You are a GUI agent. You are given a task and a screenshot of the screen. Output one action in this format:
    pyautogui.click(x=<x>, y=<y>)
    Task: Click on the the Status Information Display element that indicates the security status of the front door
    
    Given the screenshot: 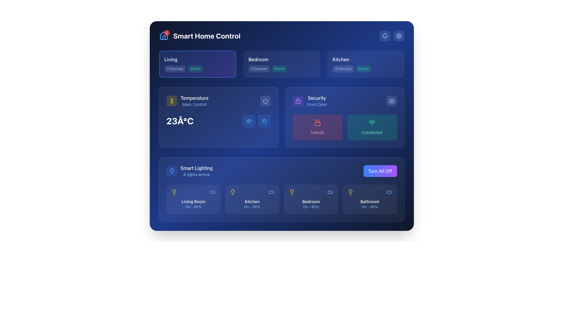 What is the action you would take?
    pyautogui.click(x=310, y=101)
    